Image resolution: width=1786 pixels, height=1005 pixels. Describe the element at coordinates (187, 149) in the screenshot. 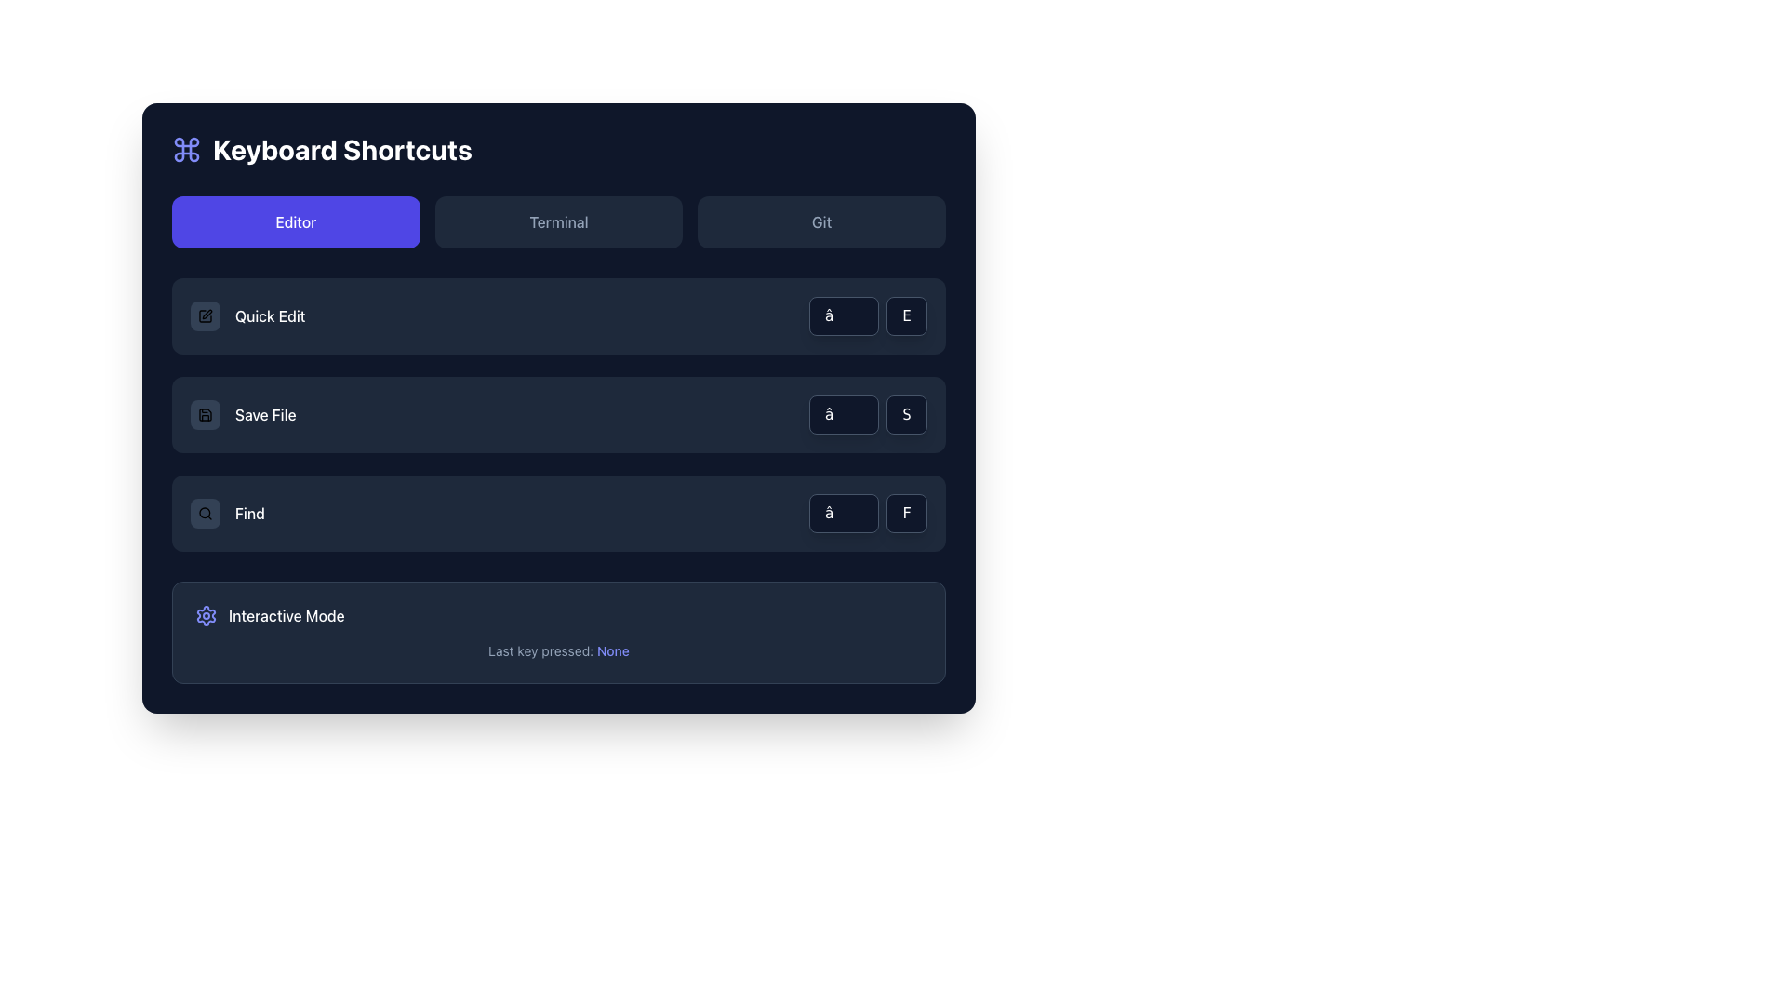

I see `the decorative icon for the 'Keyboard Shortcuts' section located to the left of the text 'Keyboard Shortcuts'` at that location.